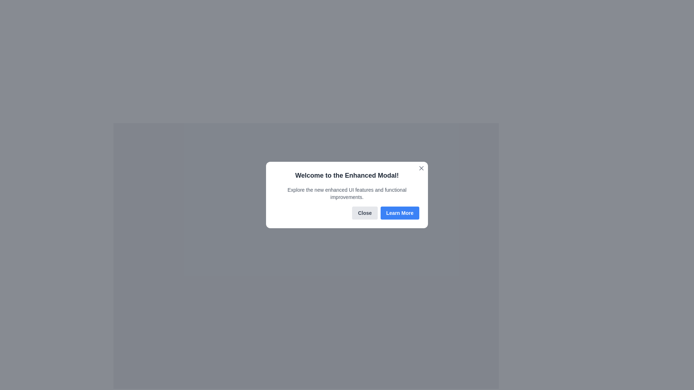  What do you see at coordinates (421, 168) in the screenshot?
I see `the close button (X symbol) located at the top-right corner of the modal dialog` at bounding box center [421, 168].